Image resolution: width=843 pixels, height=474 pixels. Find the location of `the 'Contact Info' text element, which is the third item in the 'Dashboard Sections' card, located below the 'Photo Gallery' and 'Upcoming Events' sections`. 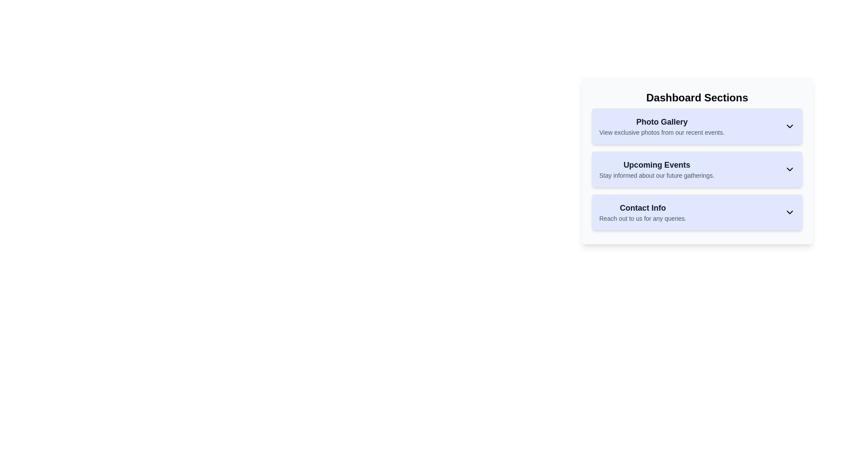

the 'Contact Info' text element, which is the third item in the 'Dashboard Sections' card, located below the 'Photo Gallery' and 'Upcoming Events' sections is located at coordinates (643, 212).